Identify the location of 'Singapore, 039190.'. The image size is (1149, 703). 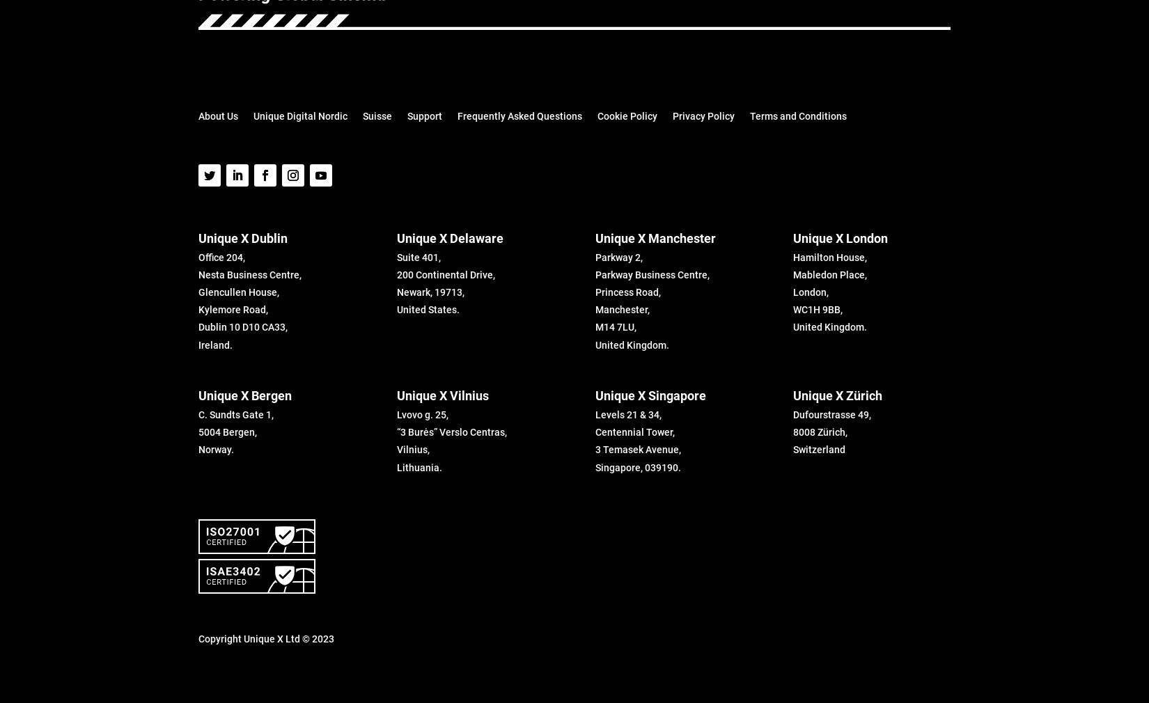
(595, 466).